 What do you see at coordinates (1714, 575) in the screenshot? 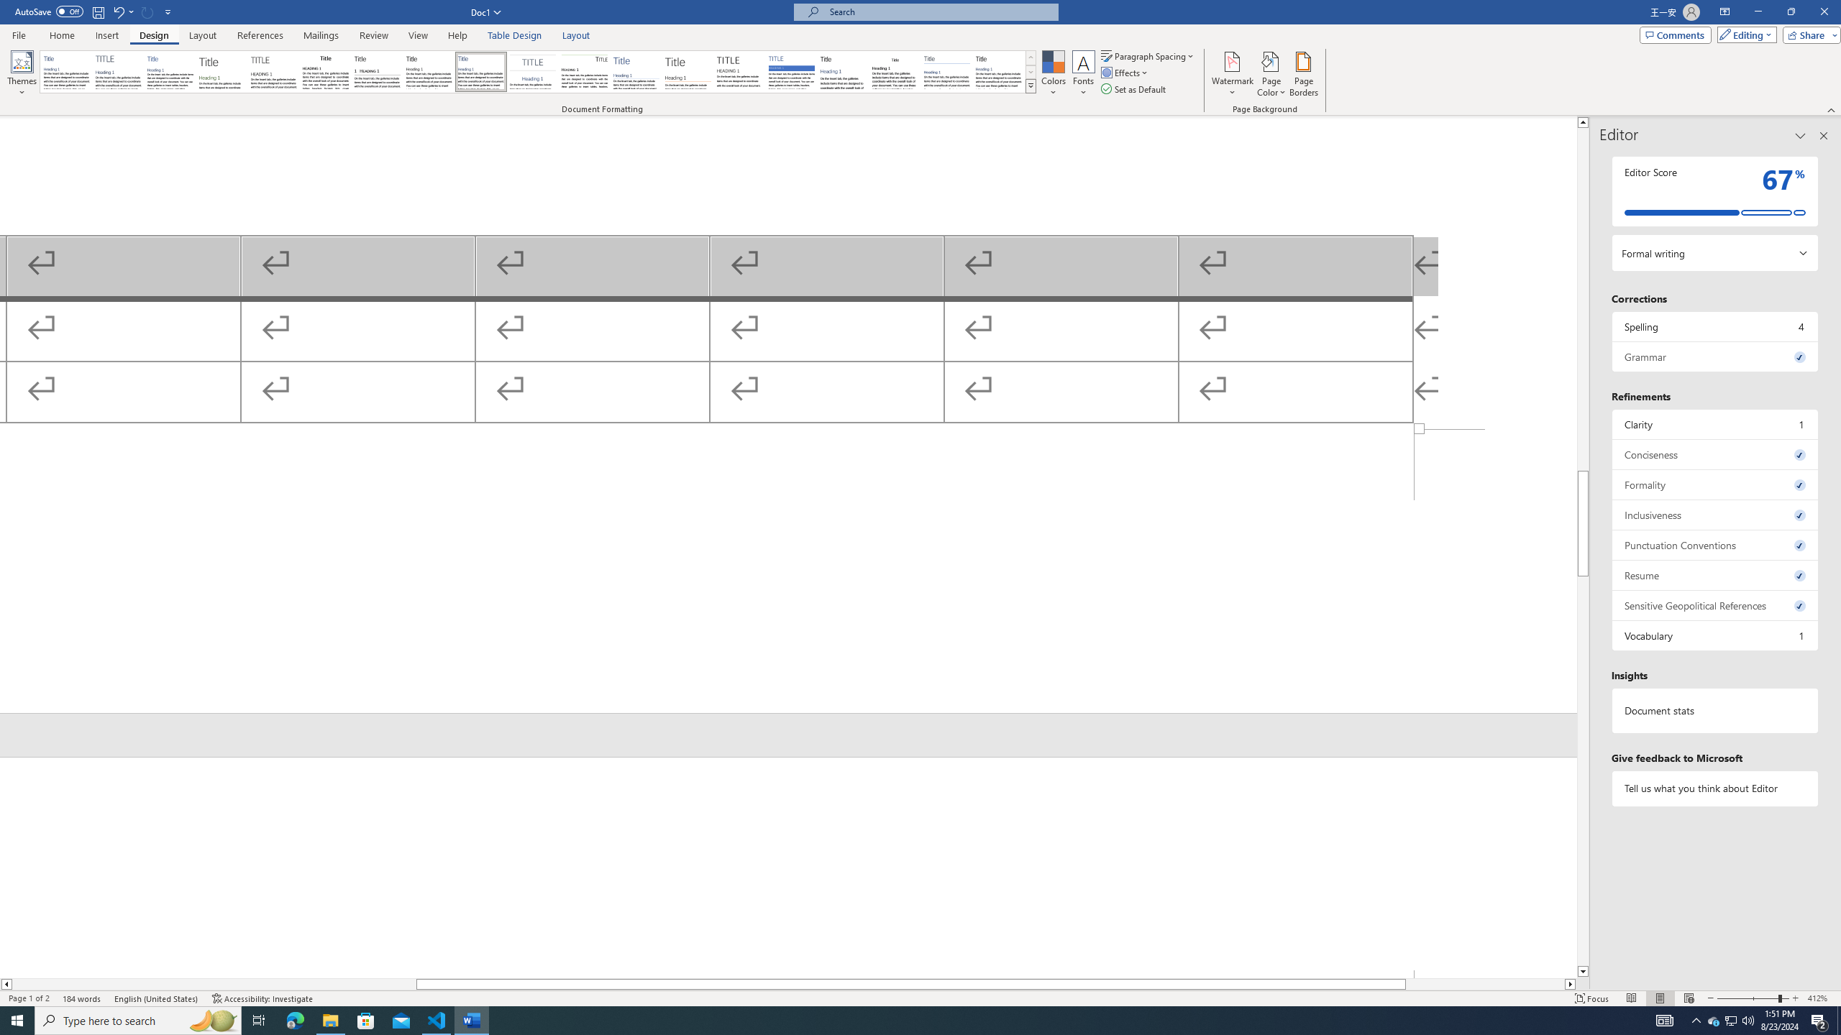
I see `'Resume, 0 issues. Press space or enter to review items.'` at bounding box center [1714, 575].